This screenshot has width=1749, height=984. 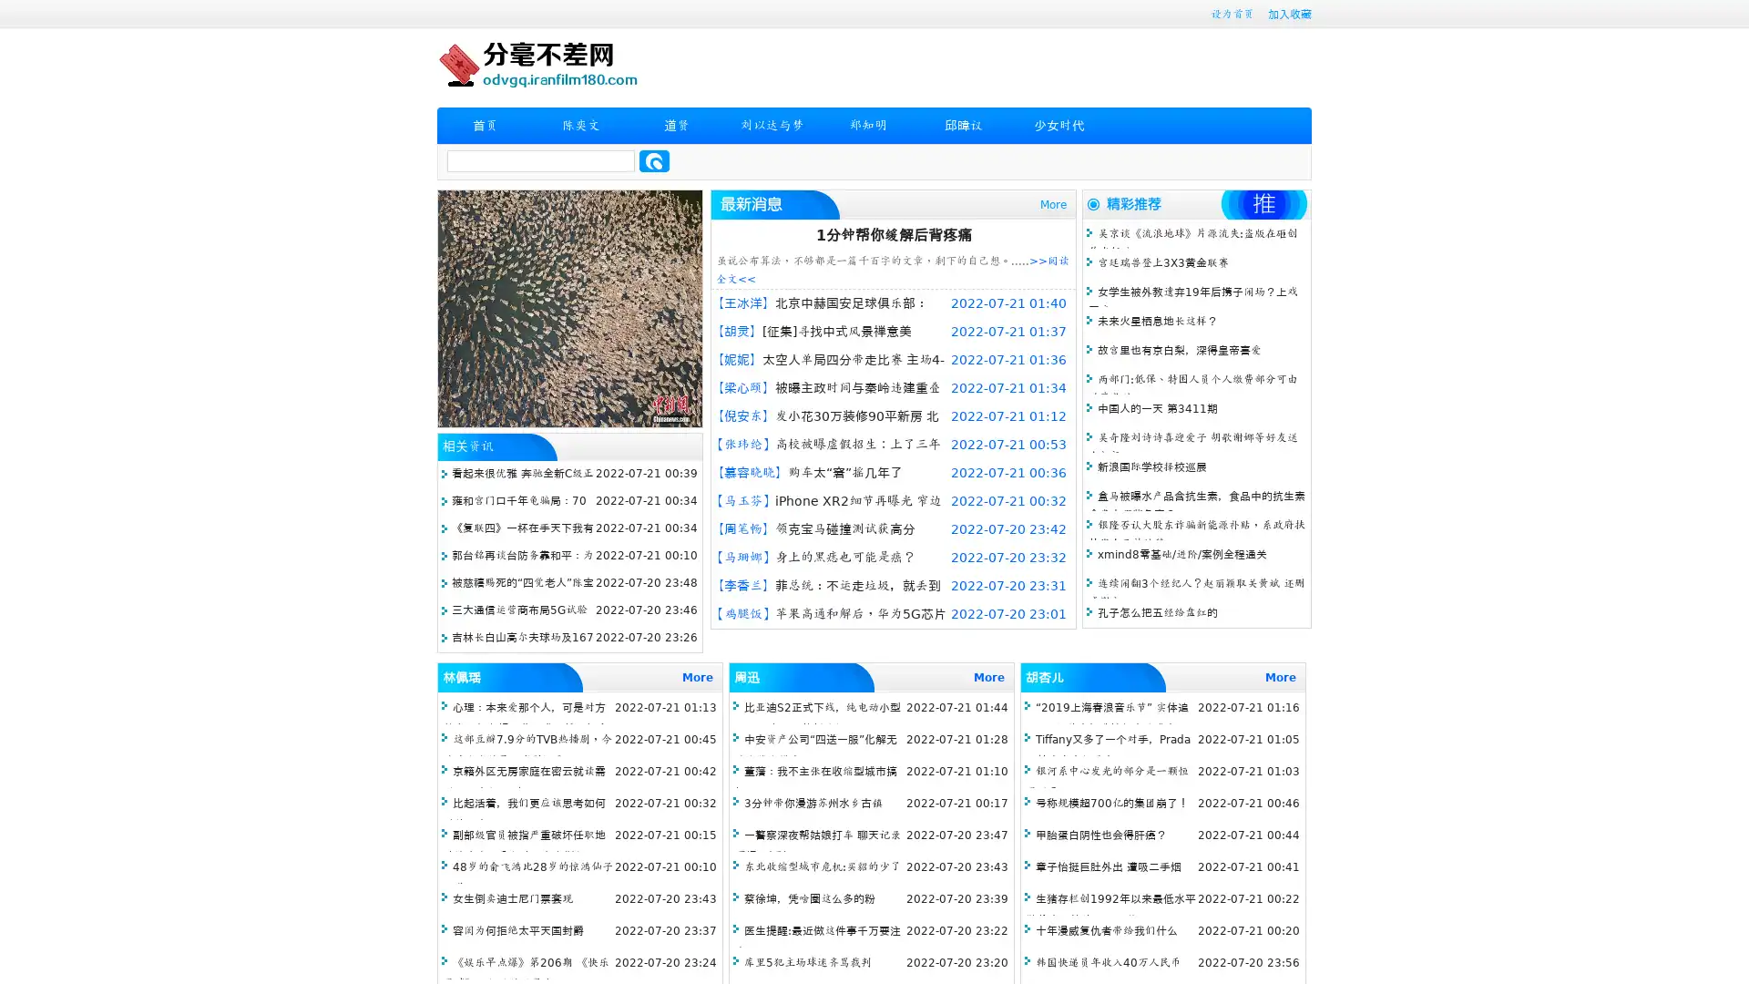 What do you see at coordinates (654, 160) in the screenshot?
I see `Search` at bounding box center [654, 160].